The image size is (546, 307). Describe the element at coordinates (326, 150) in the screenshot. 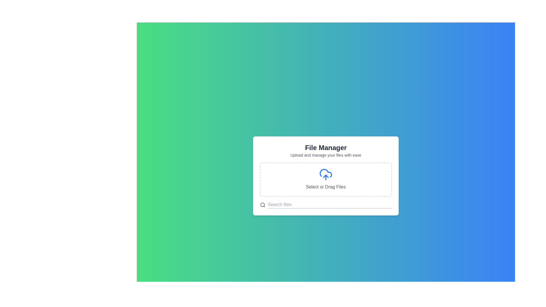

I see `the informational text content area at the top of the dialog box that describes the file management interface` at that location.